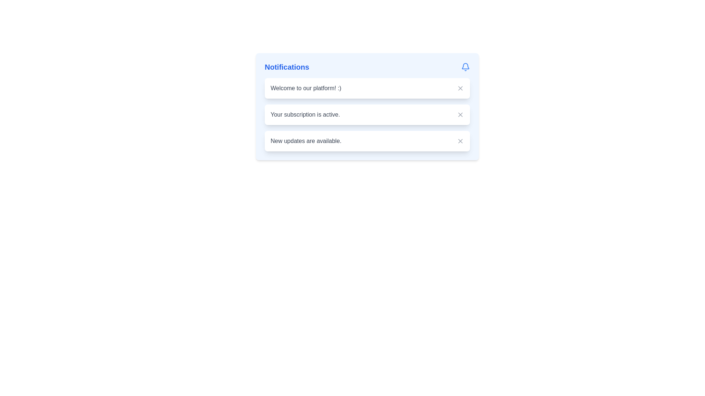 This screenshot has width=705, height=396. What do you see at coordinates (367, 88) in the screenshot?
I see `the notification card at the top of the vertical stack` at bounding box center [367, 88].